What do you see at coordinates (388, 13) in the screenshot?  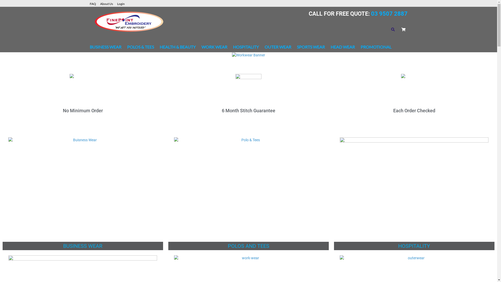 I see `'03 9507 2887'` at bounding box center [388, 13].